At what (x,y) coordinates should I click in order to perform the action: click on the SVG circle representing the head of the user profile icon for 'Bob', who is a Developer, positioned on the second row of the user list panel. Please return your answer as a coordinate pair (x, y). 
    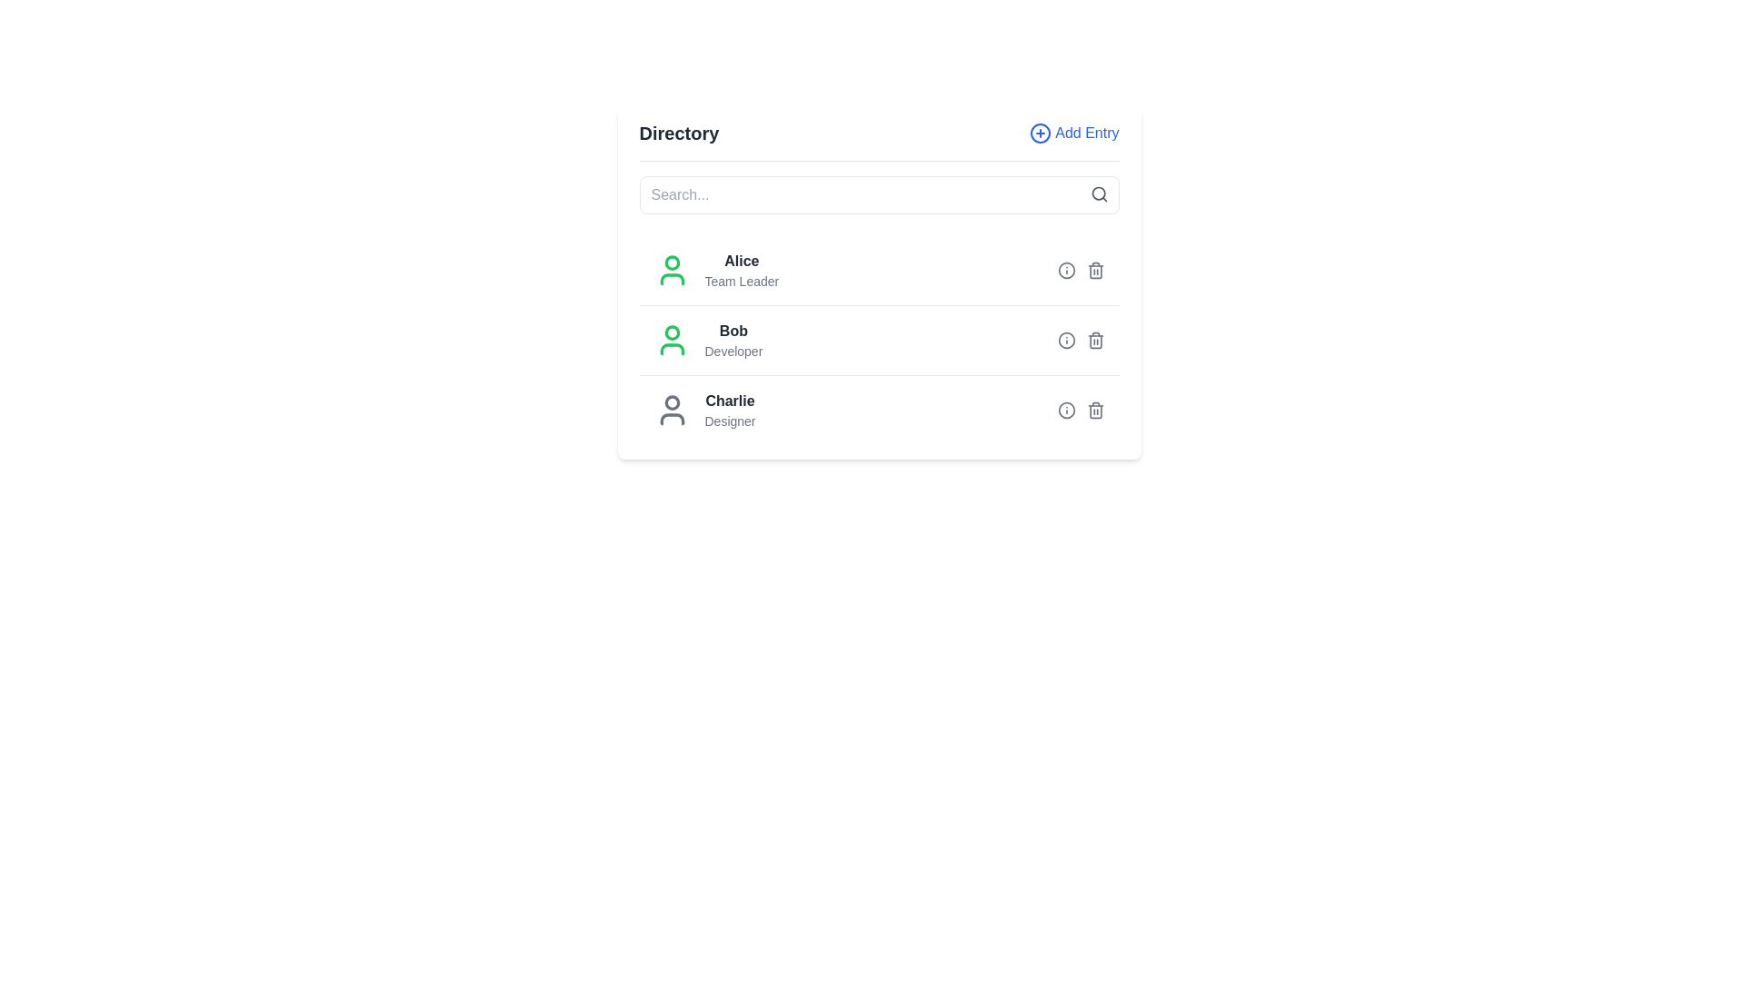
    Looking at the image, I should click on (671, 332).